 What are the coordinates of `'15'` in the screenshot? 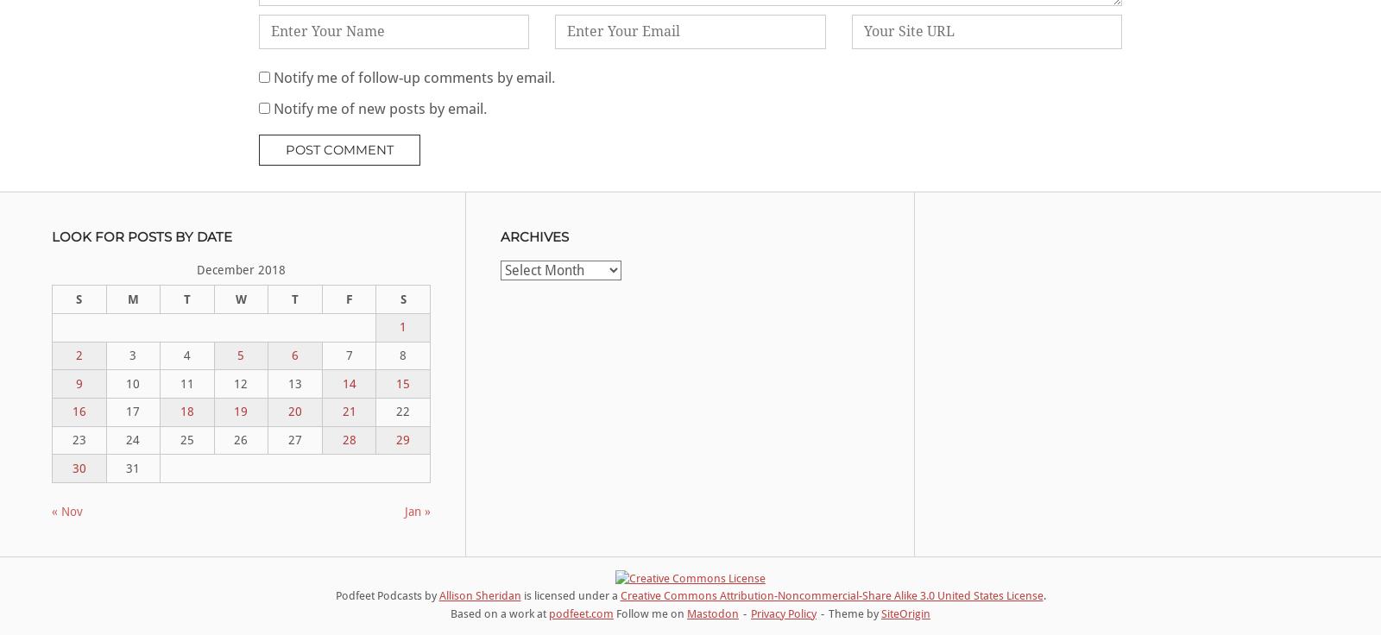 It's located at (402, 383).